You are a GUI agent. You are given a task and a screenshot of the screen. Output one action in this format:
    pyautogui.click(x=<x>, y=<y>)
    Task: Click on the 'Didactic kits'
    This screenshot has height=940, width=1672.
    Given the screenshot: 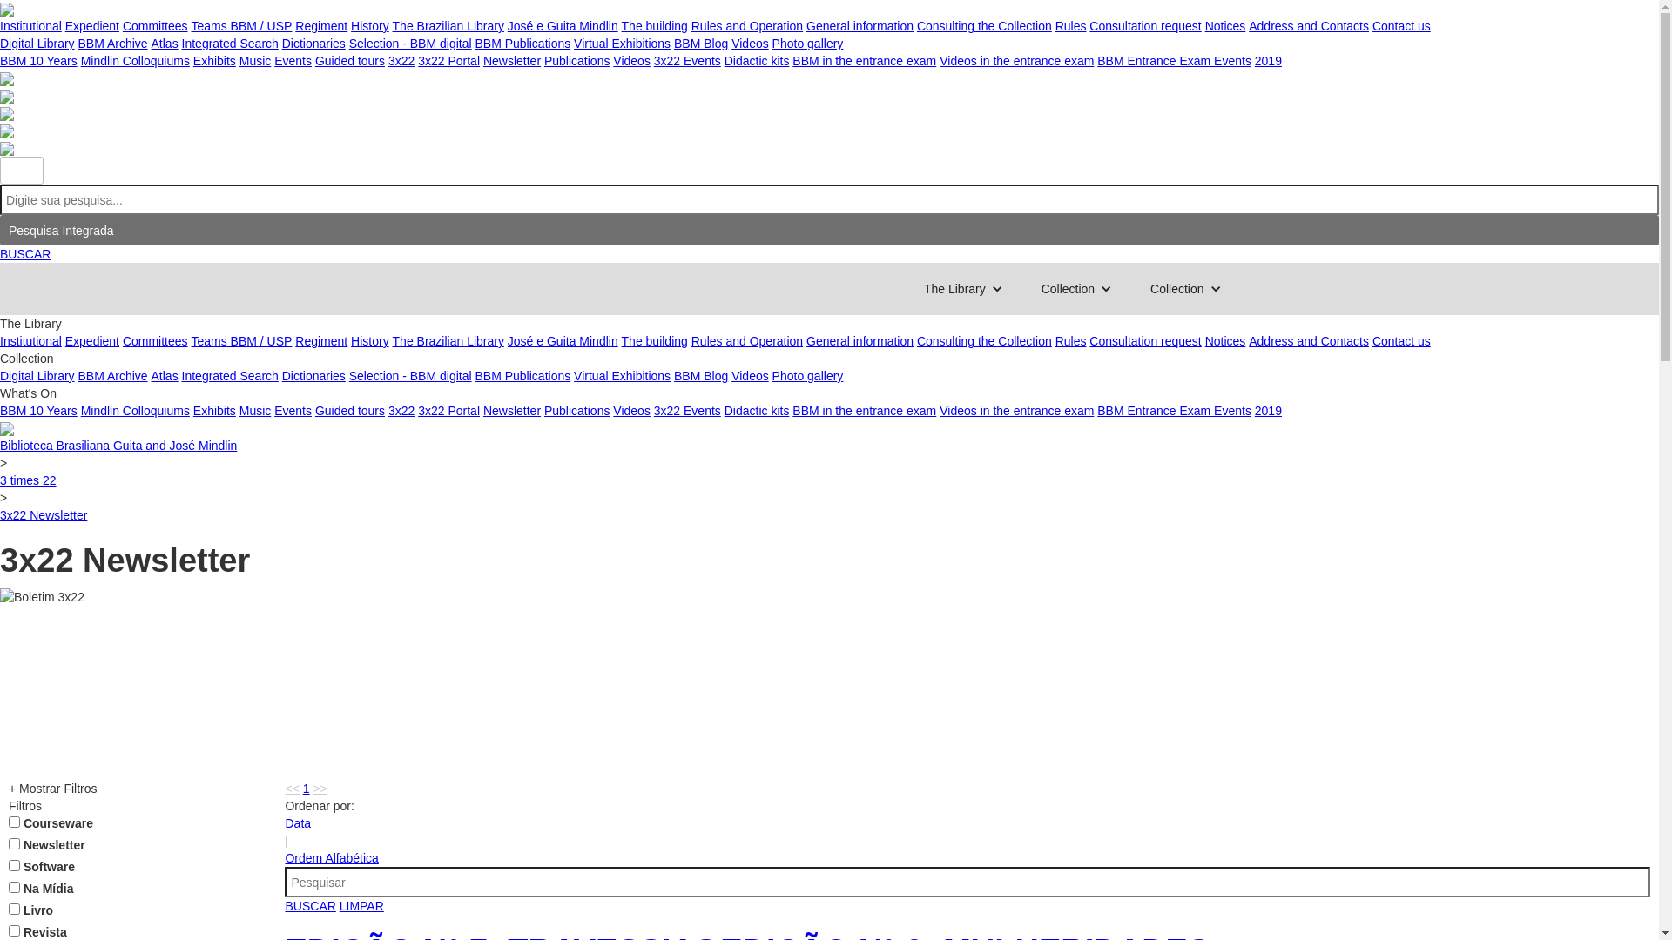 What is the action you would take?
    pyautogui.click(x=757, y=59)
    